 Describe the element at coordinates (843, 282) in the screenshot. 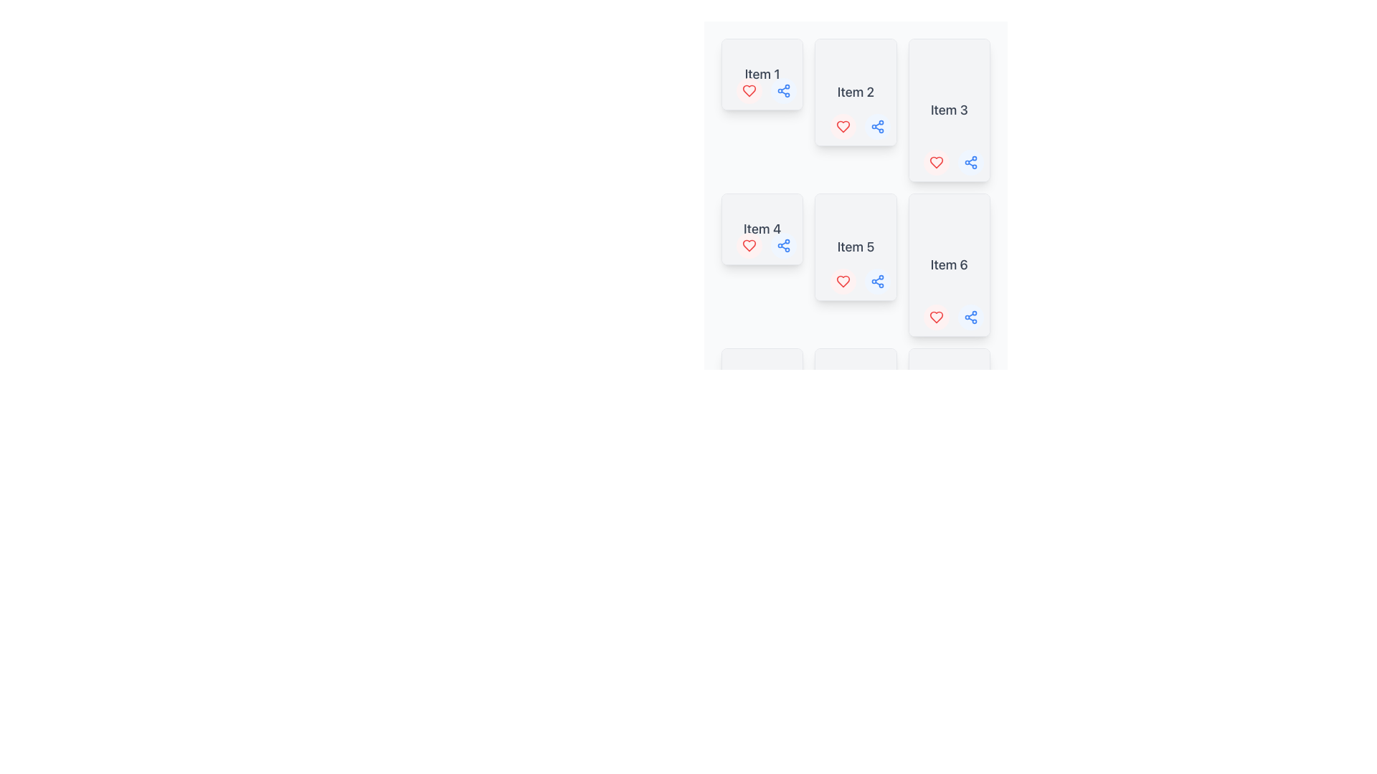

I see `the heart-shaped icon with a red border and a white background located at the bottom left of the card labeled 'Item 5' to favorite/unfavorite` at that location.